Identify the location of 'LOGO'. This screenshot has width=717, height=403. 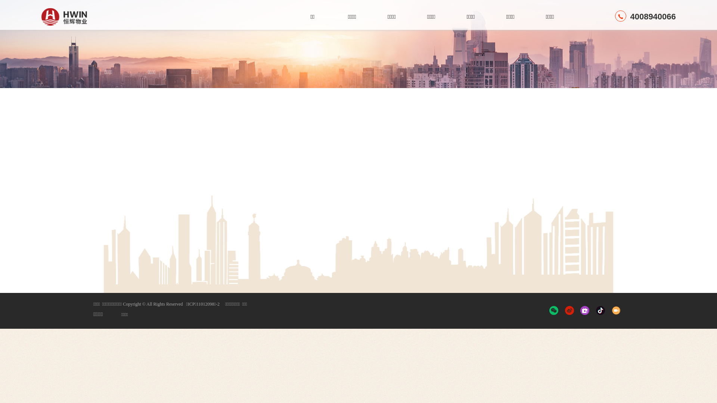
(80, 17).